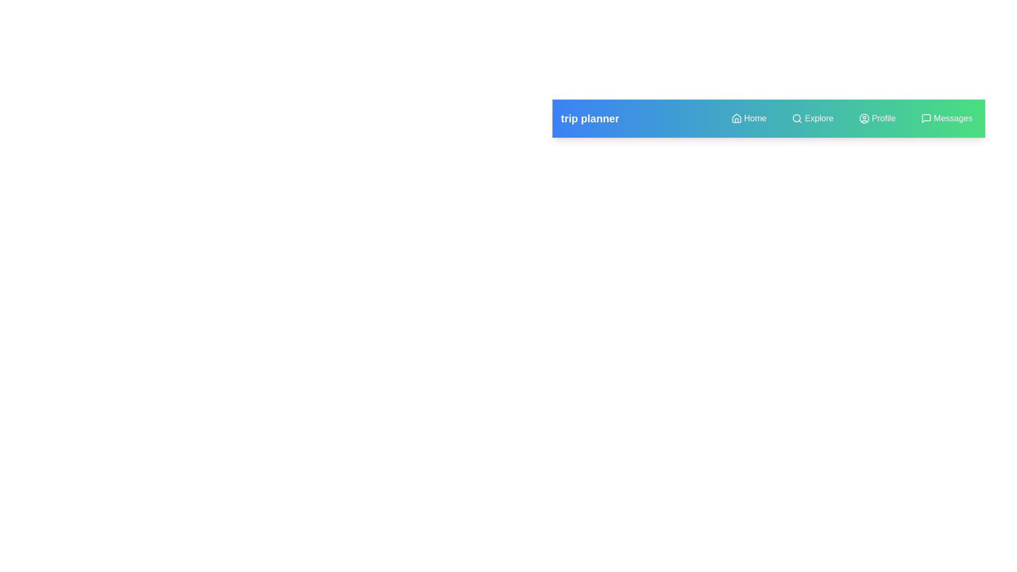 The height and width of the screenshot is (572, 1017). What do you see at coordinates (748, 118) in the screenshot?
I see `the navigation menu item Home to navigate to the respective section` at bounding box center [748, 118].